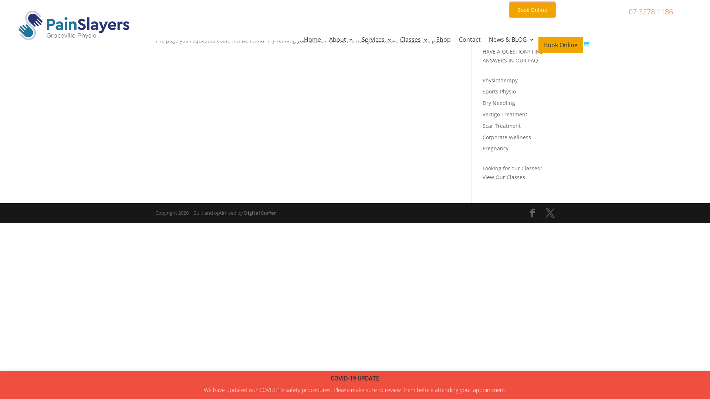  I want to click on 'Vertigo Treatment', so click(483, 114).